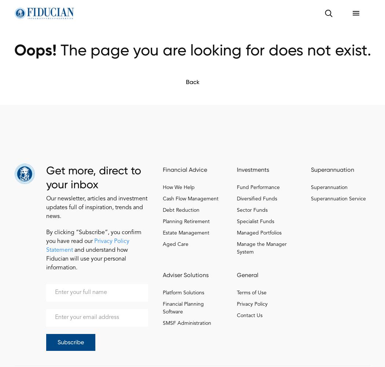  I want to click on 'Terms of Use', so click(252, 293).